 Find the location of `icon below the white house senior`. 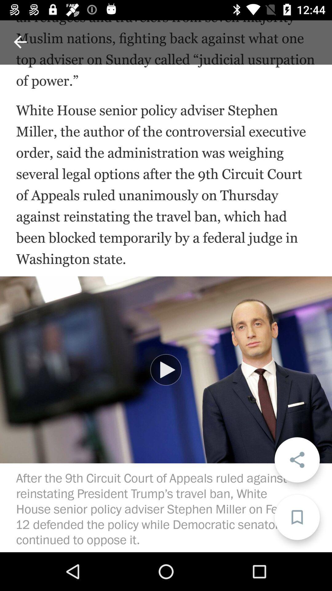

icon below the white house senior is located at coordinates (166, 369).